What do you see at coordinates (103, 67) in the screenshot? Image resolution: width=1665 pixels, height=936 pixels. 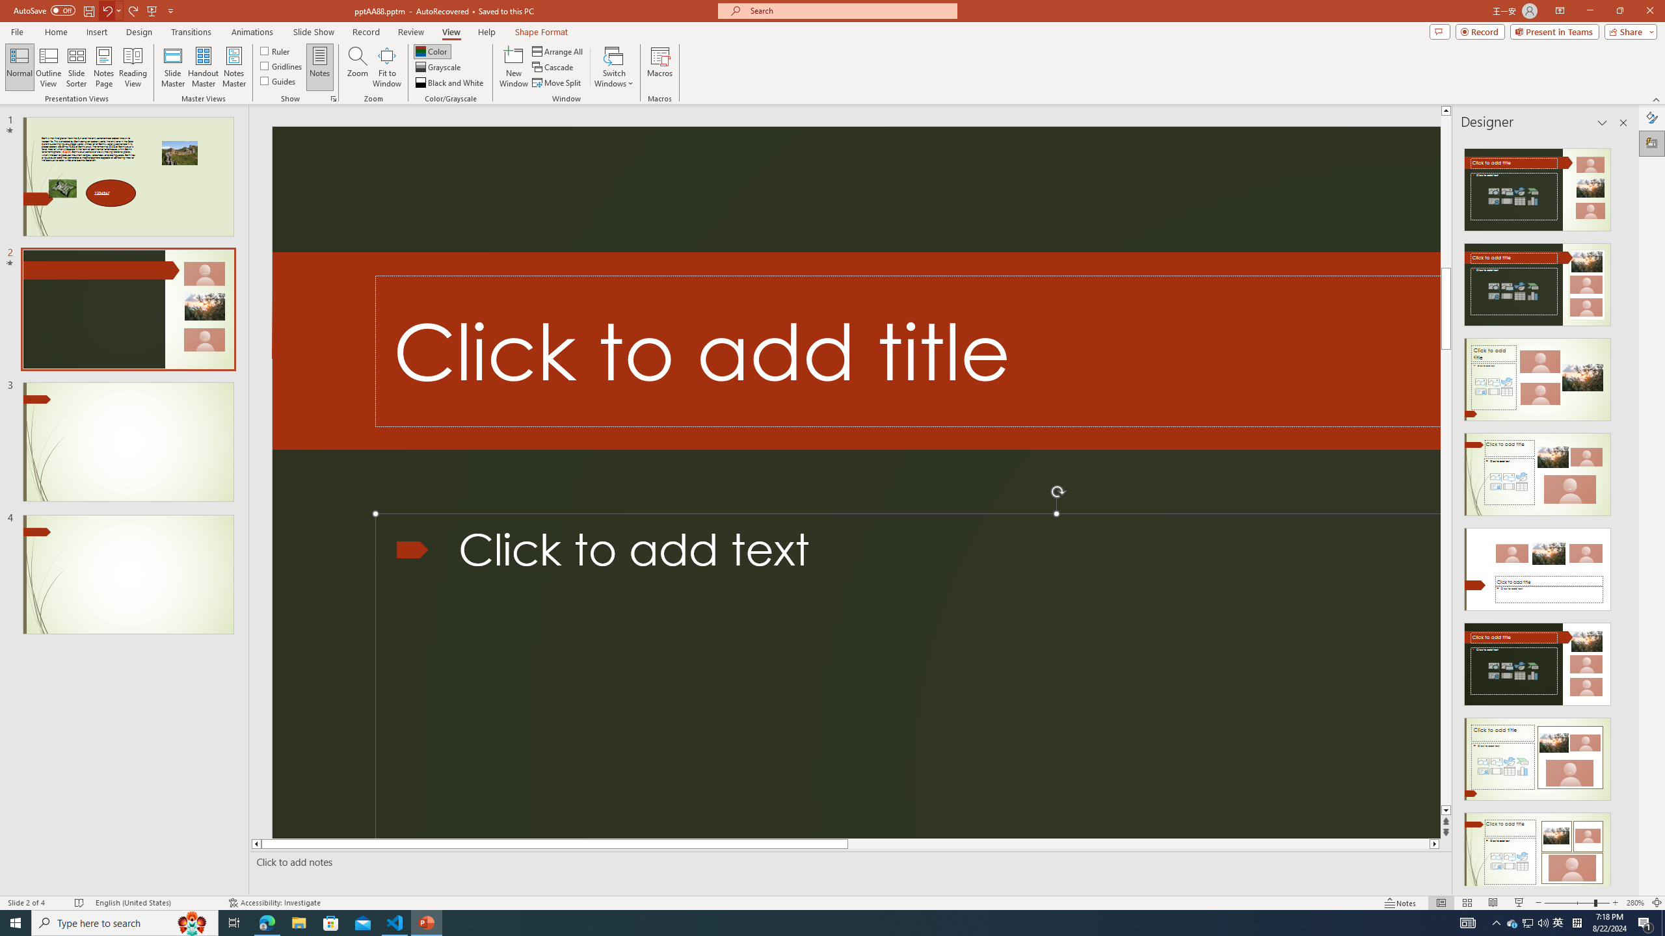 I see `'Notes Page'` at bounding box center [103, 67].